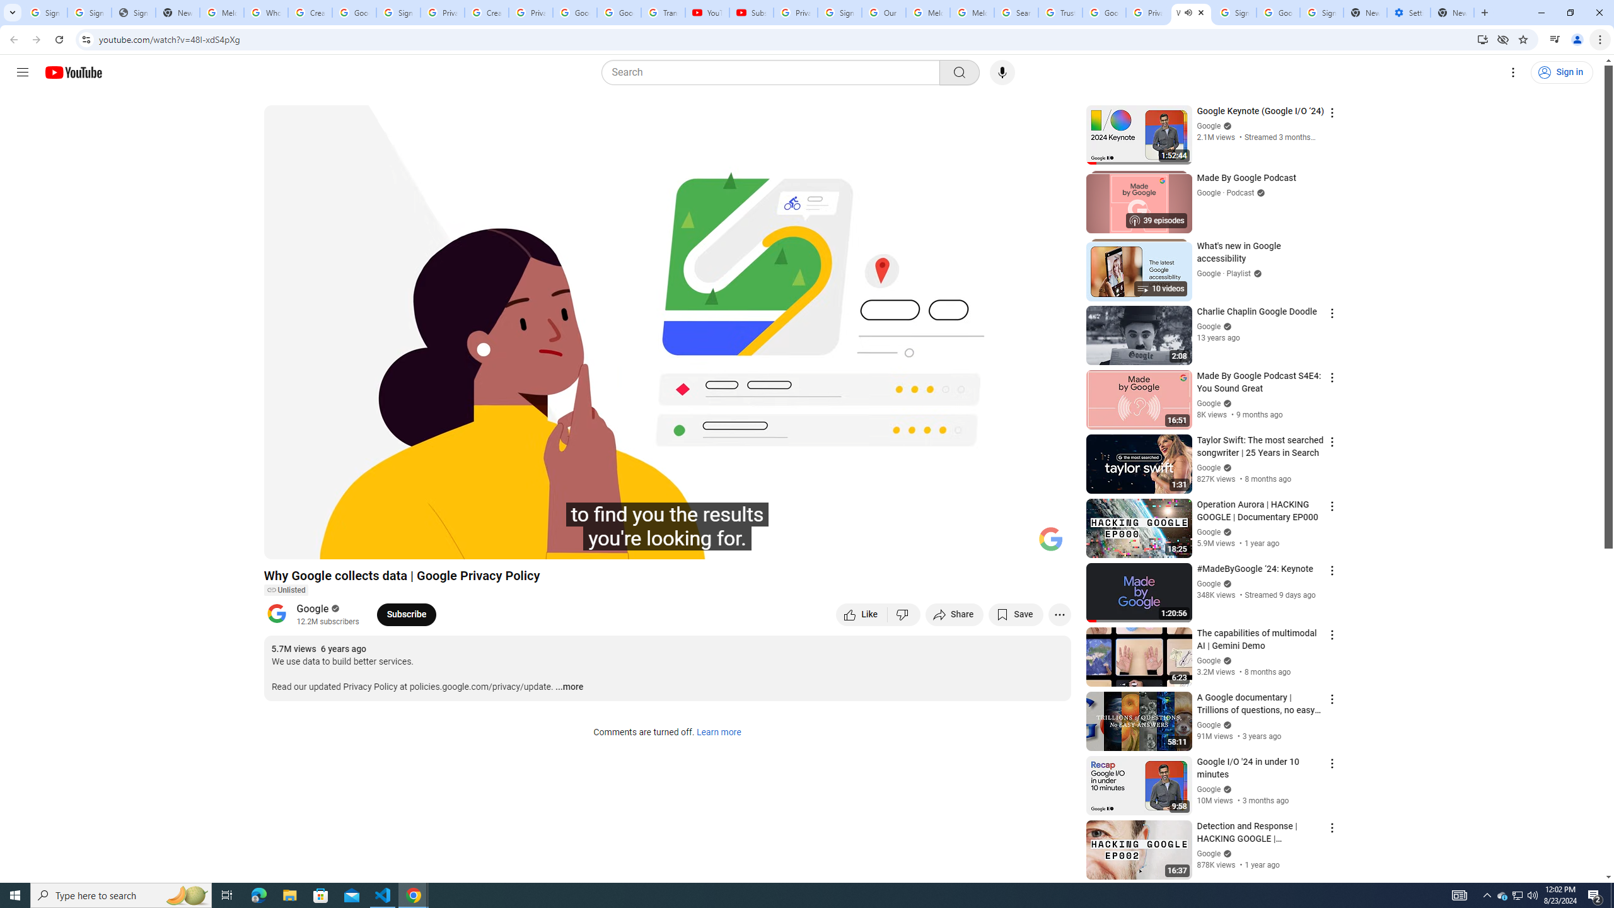 The image size is (1614, 908). What do you see at coordinates (1234, 12) in the screenshot?
I see `'Sign in - Google Accounts'` at bounding box center [1234, 12].